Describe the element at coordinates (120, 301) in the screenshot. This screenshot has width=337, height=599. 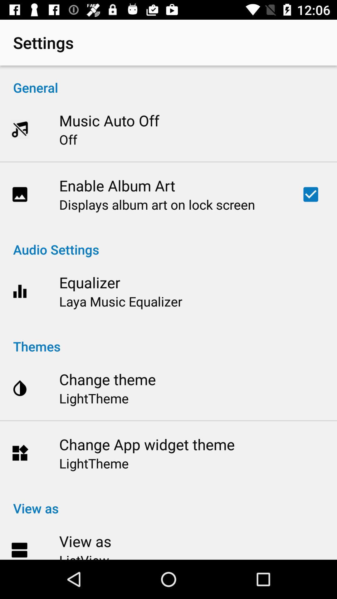
I see `laya music equalizer item` at that location.